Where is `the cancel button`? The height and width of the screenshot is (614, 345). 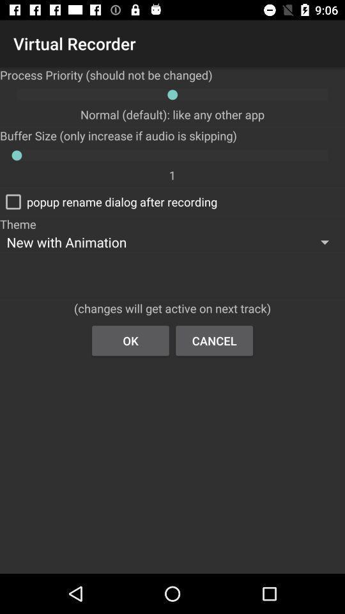
the cancel button is located at coordinates (214, 340).